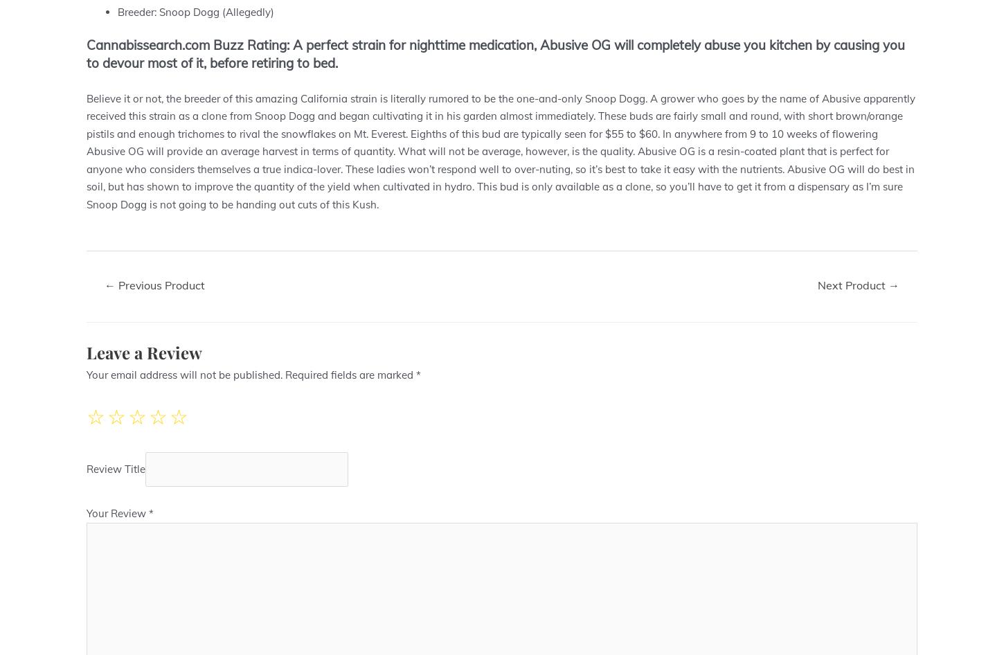  Describe the element at coordinates (853, 284) in the screenshot. I see `'Next Product'` at that location.